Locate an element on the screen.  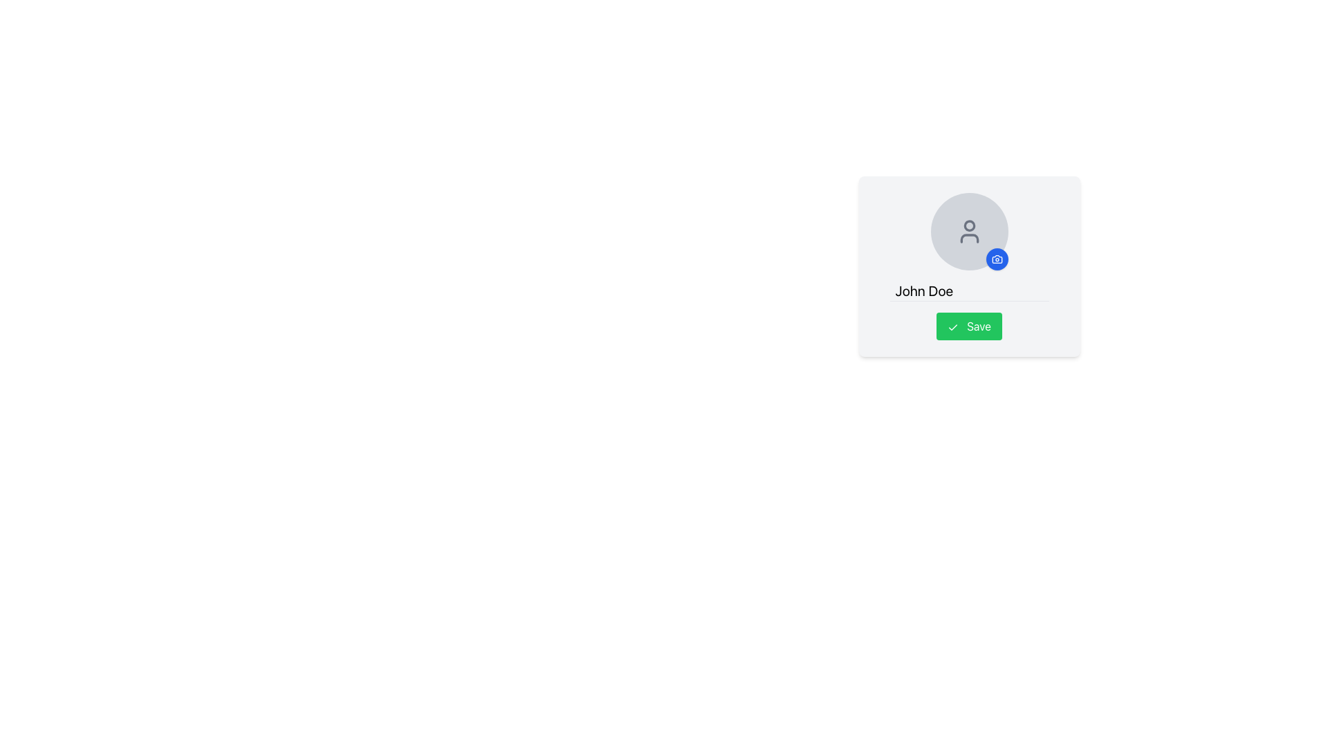
the checkmark icon inside the green 'Save' button located below 'John Doe.' is located at coordinates (952, 327).